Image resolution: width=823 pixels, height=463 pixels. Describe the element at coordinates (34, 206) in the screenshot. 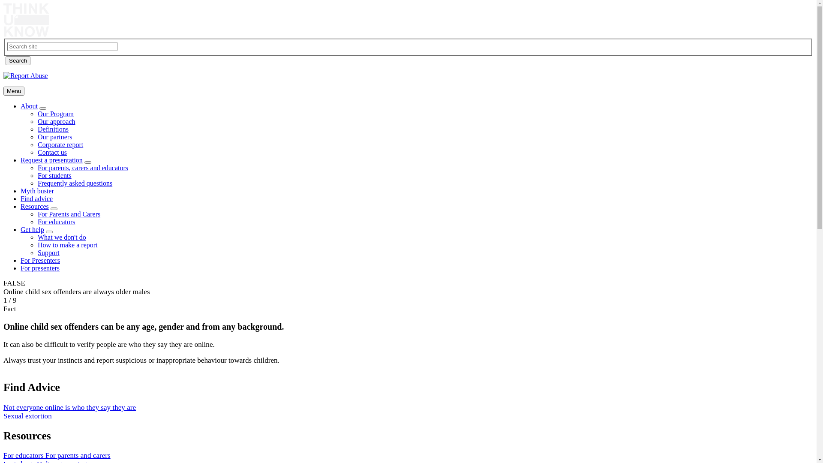

I see `'Resources'` at that location.